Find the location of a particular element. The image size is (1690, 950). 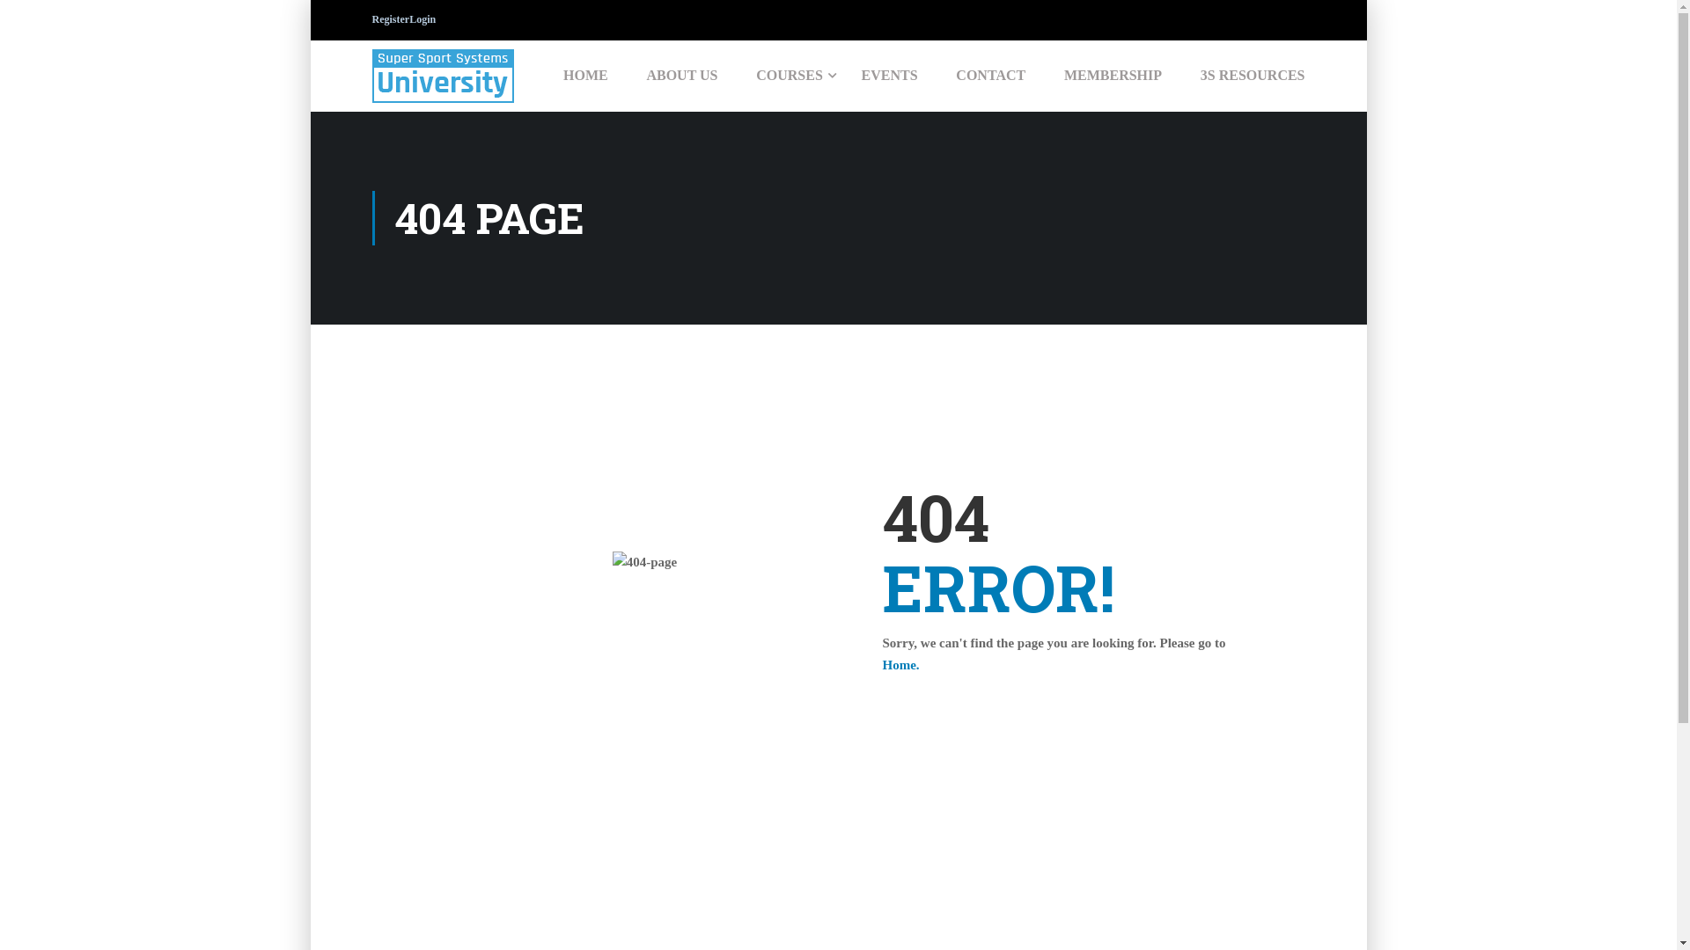

'CONTACT' is located at coordinates (990, 74).